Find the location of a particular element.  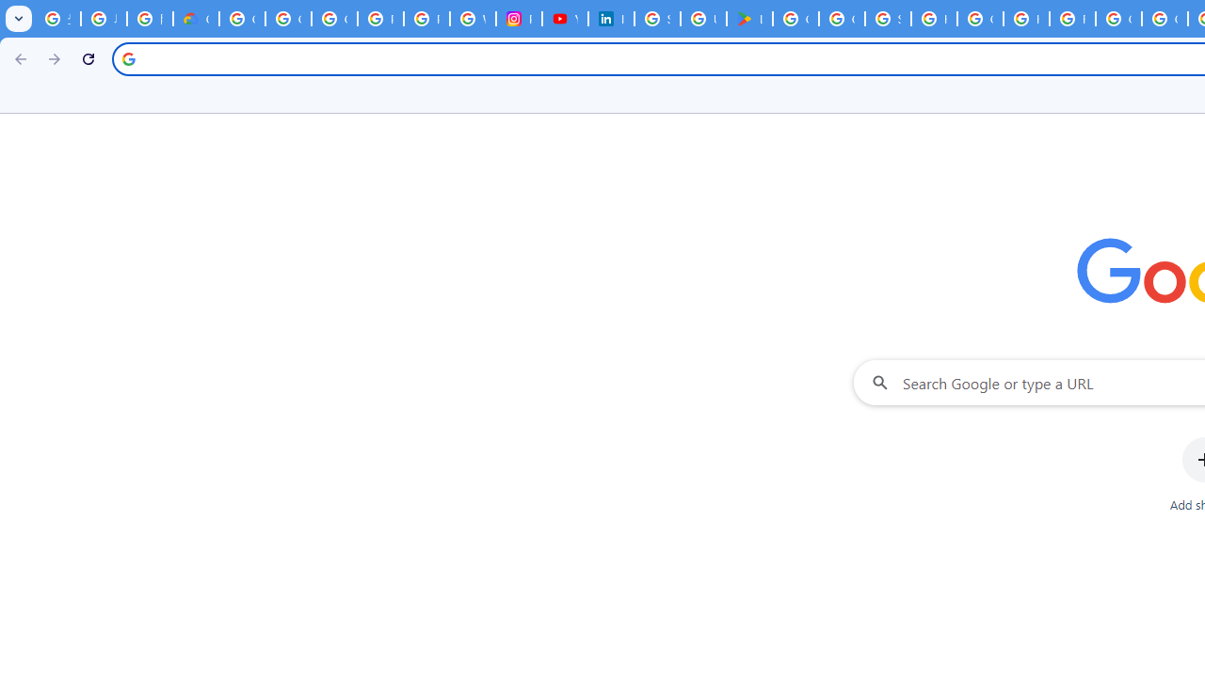

'Last Shelter: Survival - Apps on Google Play' is located at coordinates (748, 19).